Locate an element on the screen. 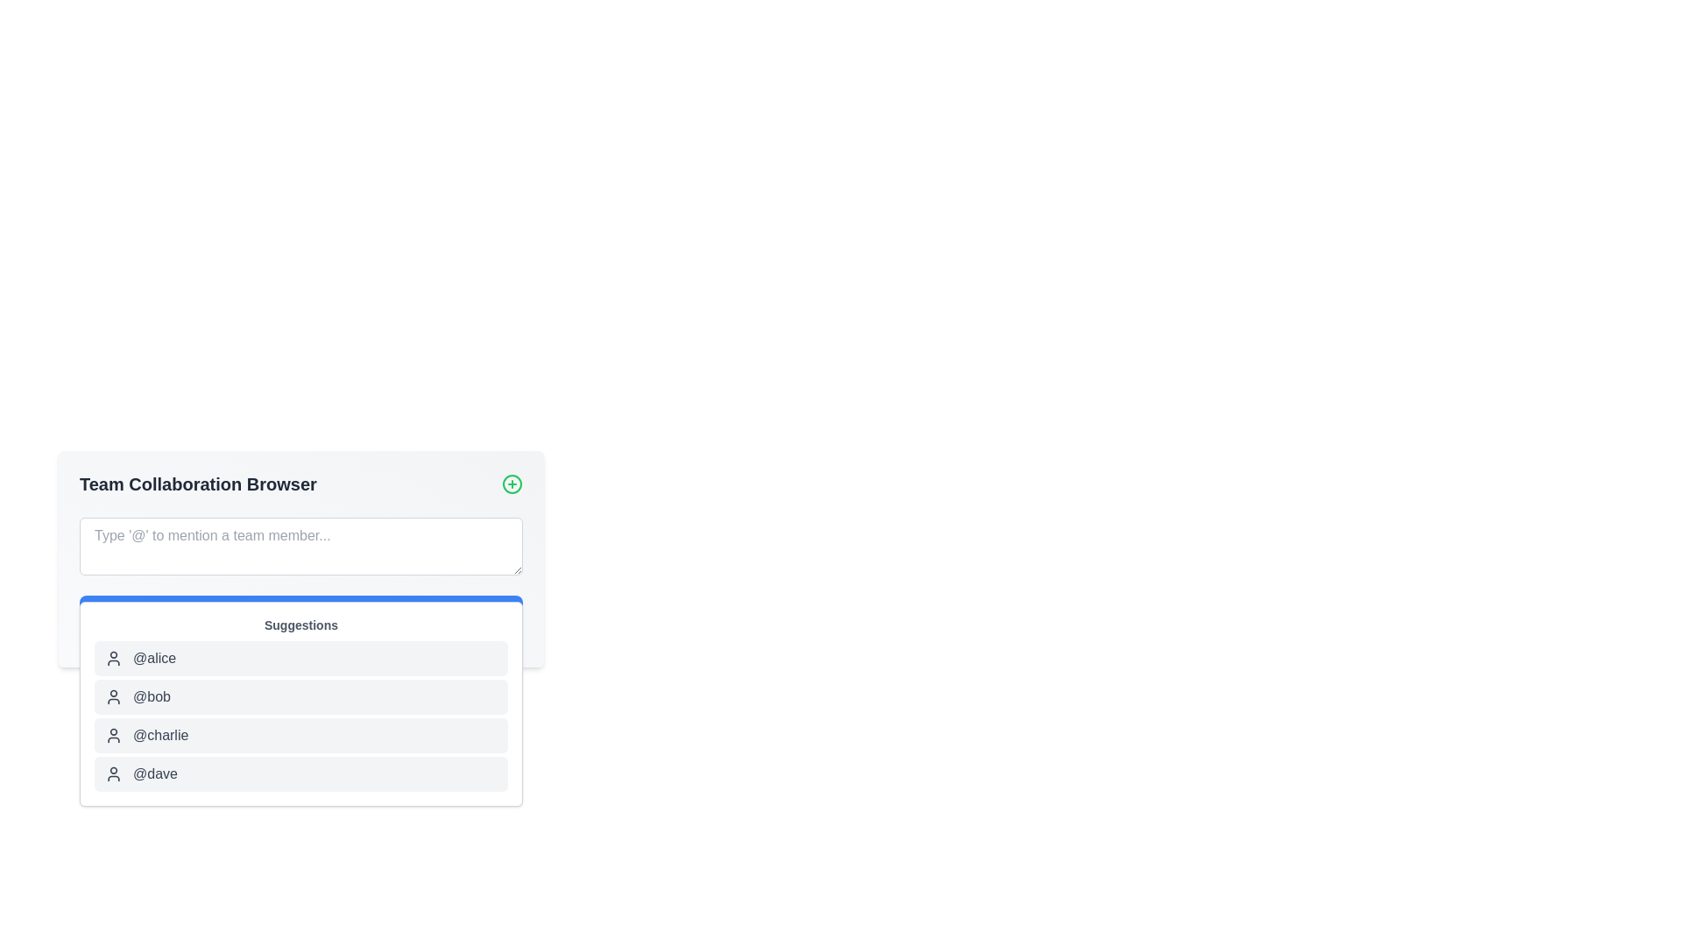 This screenshot has width=1682, height=946. the user profile icon representing '@bob' in the suggestion list, located at the leftmost side of the suggestion block is located at coordinates (112, 695).